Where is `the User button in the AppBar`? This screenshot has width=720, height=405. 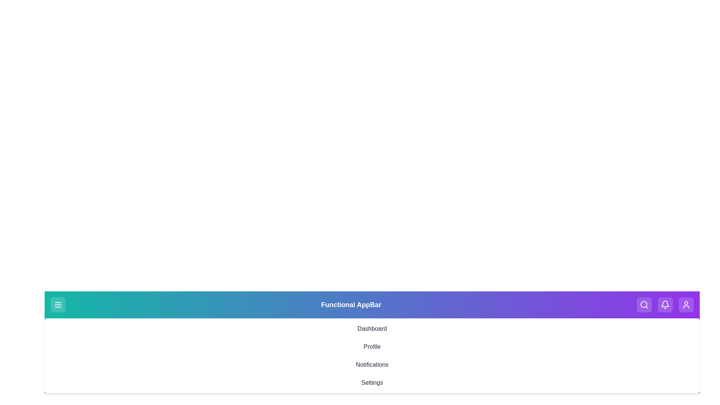 the User button in the AppBar is located at coordinates (686, 305).